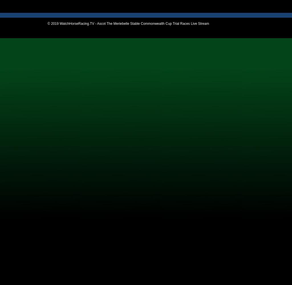  What do you see at coordinates (13, 136) in the screenshot?
I see `'Taree'` at bounding box center [13, 136].